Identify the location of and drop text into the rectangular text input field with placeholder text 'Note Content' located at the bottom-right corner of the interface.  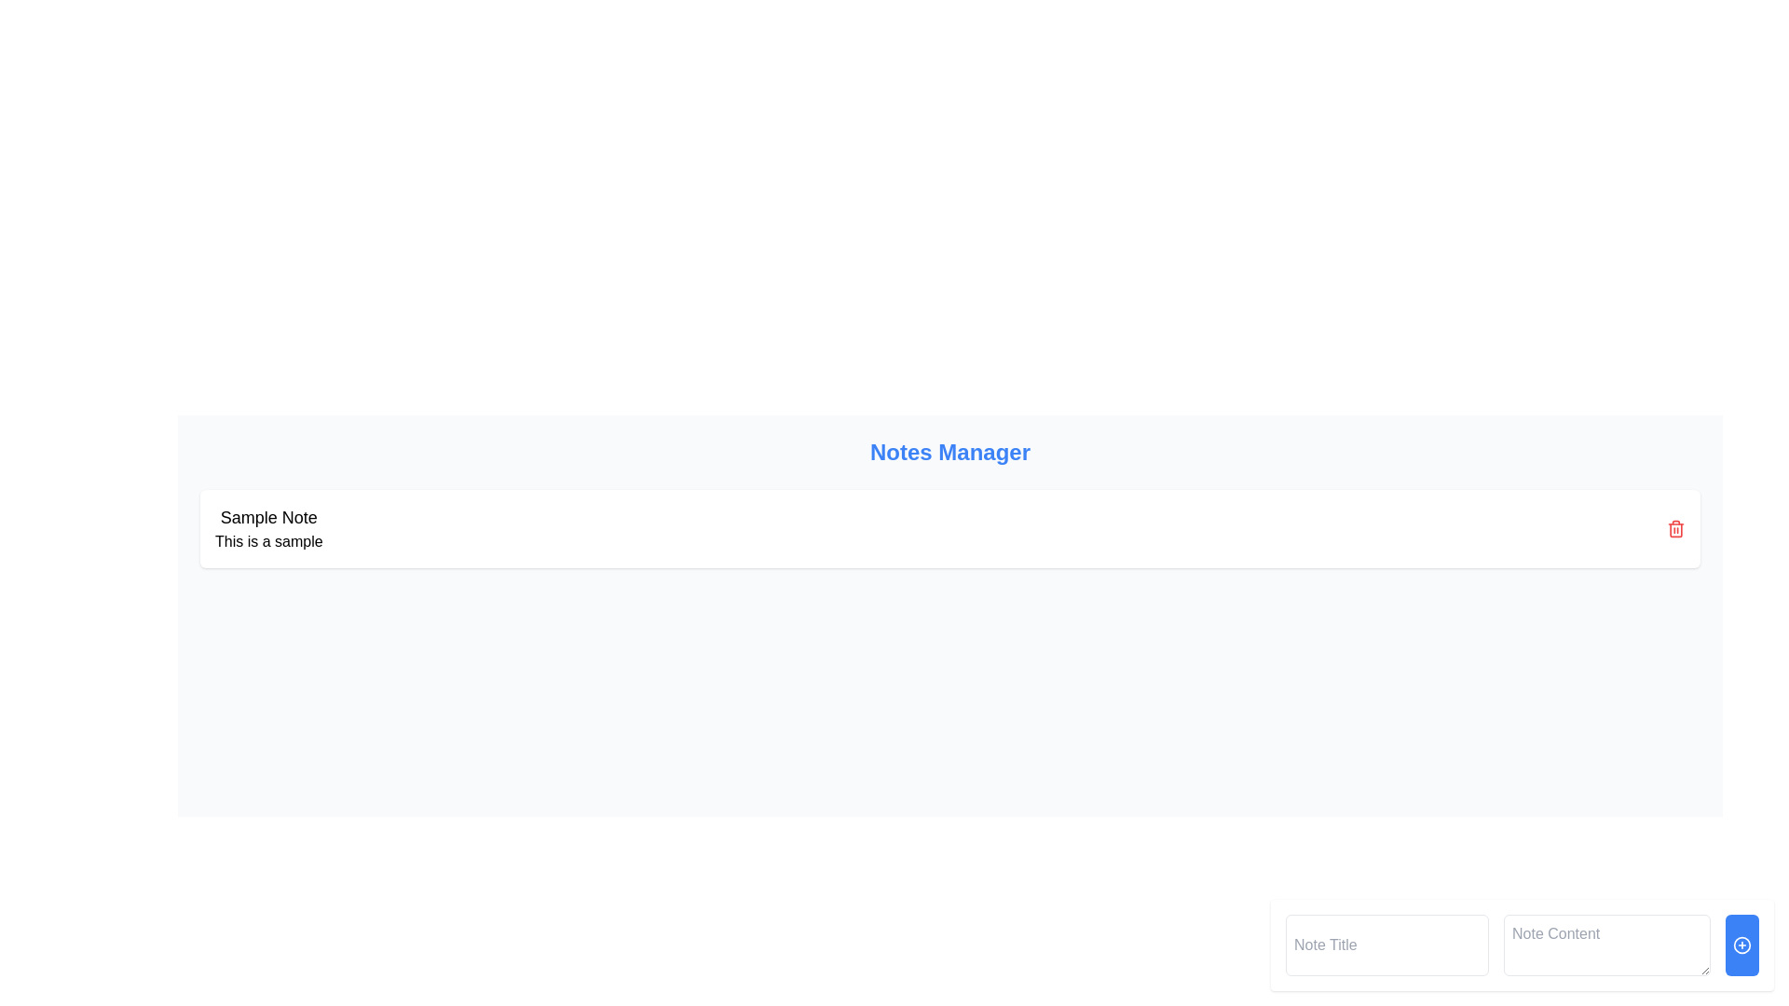
(1605, 945).